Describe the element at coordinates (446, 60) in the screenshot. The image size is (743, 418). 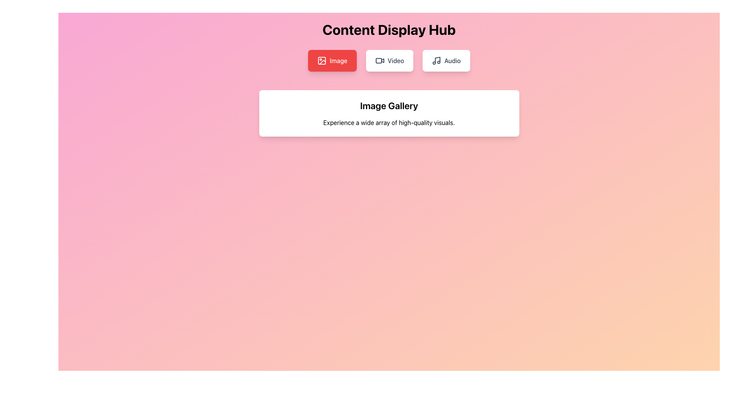
I see `the rightmost button in the top-center menu, which has a white background, gray text, and an icon resembling a musical note` at that location.